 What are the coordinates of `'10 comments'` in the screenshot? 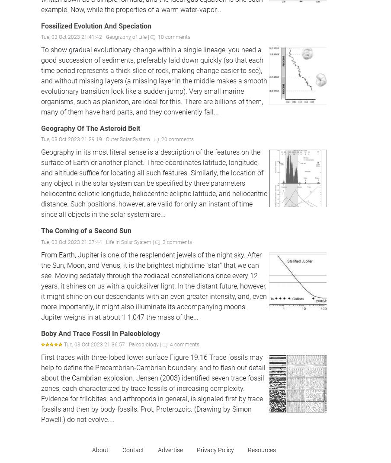 It's located at (174, 37).